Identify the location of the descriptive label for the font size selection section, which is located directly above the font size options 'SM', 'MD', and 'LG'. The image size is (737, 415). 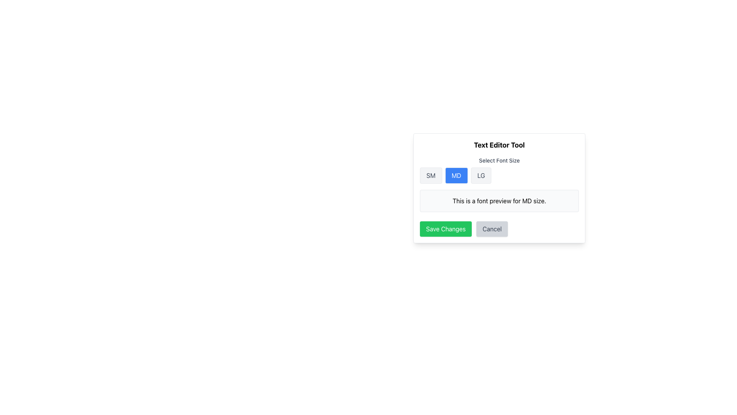
(499, 160).